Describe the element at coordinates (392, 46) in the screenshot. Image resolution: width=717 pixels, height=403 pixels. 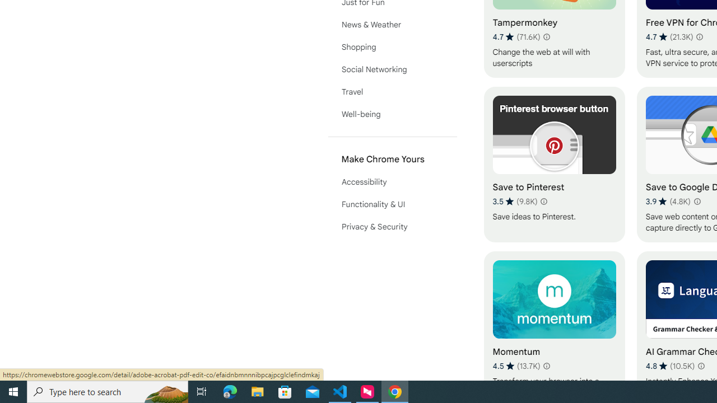
I see `'Shopping'` at that location.